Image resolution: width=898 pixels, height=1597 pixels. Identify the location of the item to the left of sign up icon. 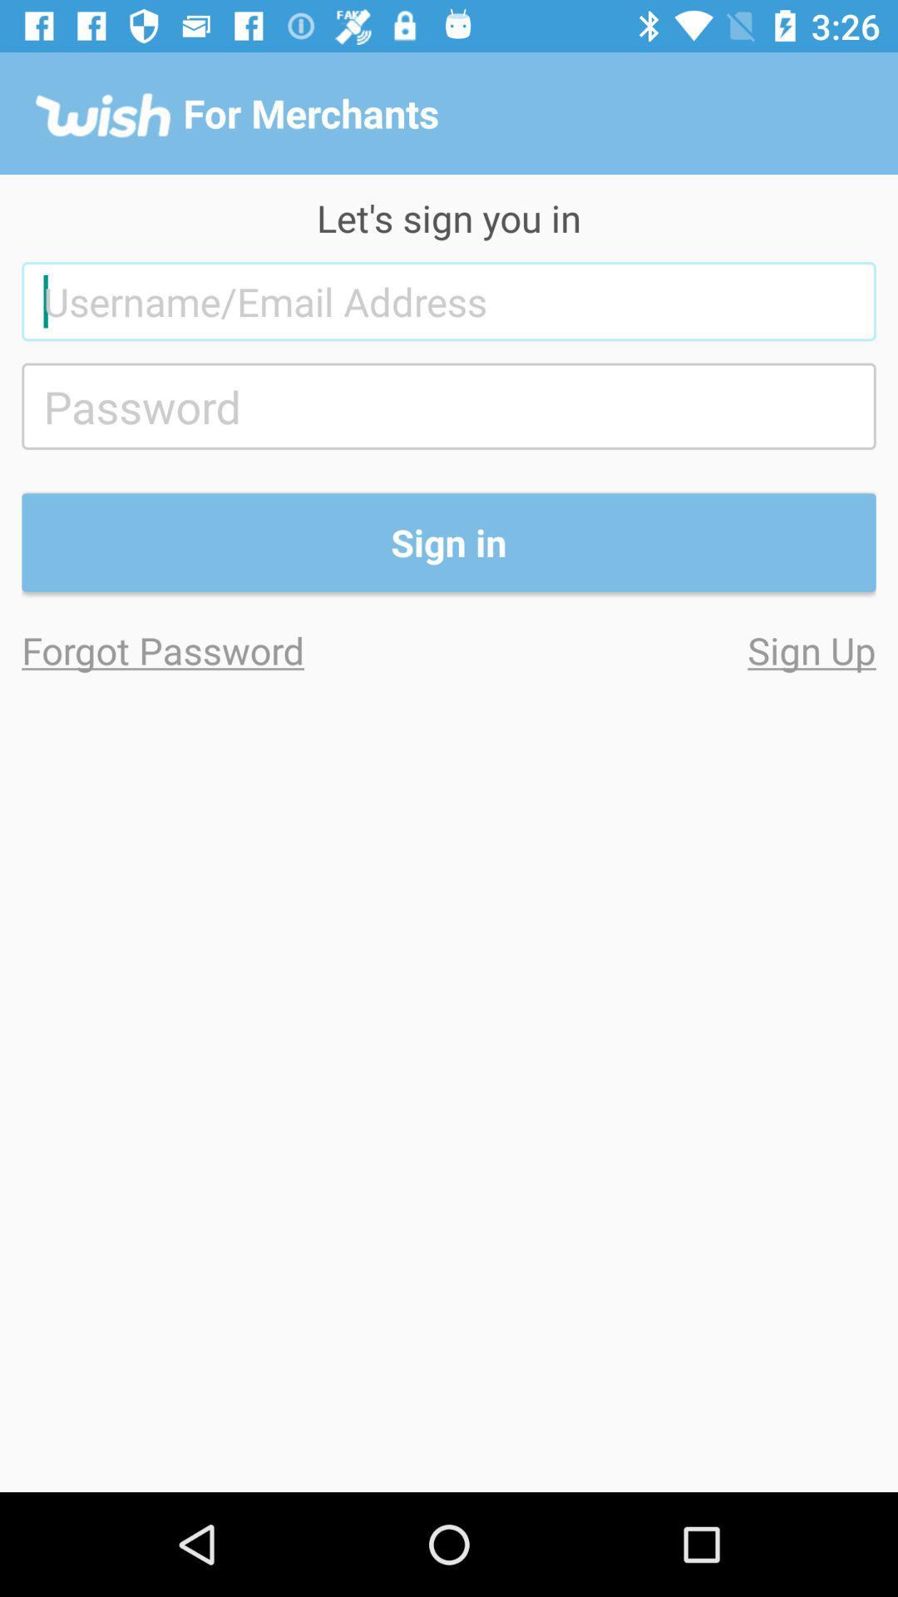
(235, 649).